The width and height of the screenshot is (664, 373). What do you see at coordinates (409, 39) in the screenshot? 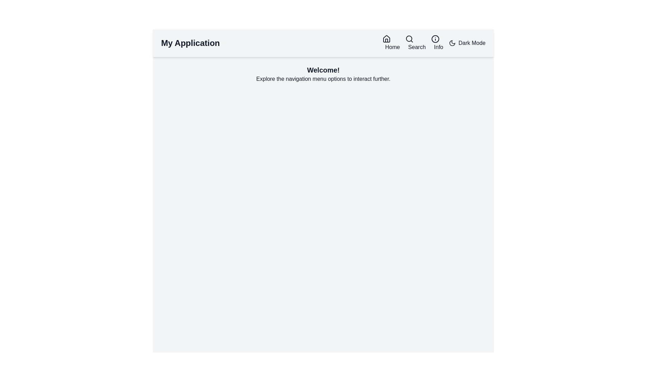
I see `the magnifying glass icon in the navigation bar to initiate a search` at bounding box center [409, 39].